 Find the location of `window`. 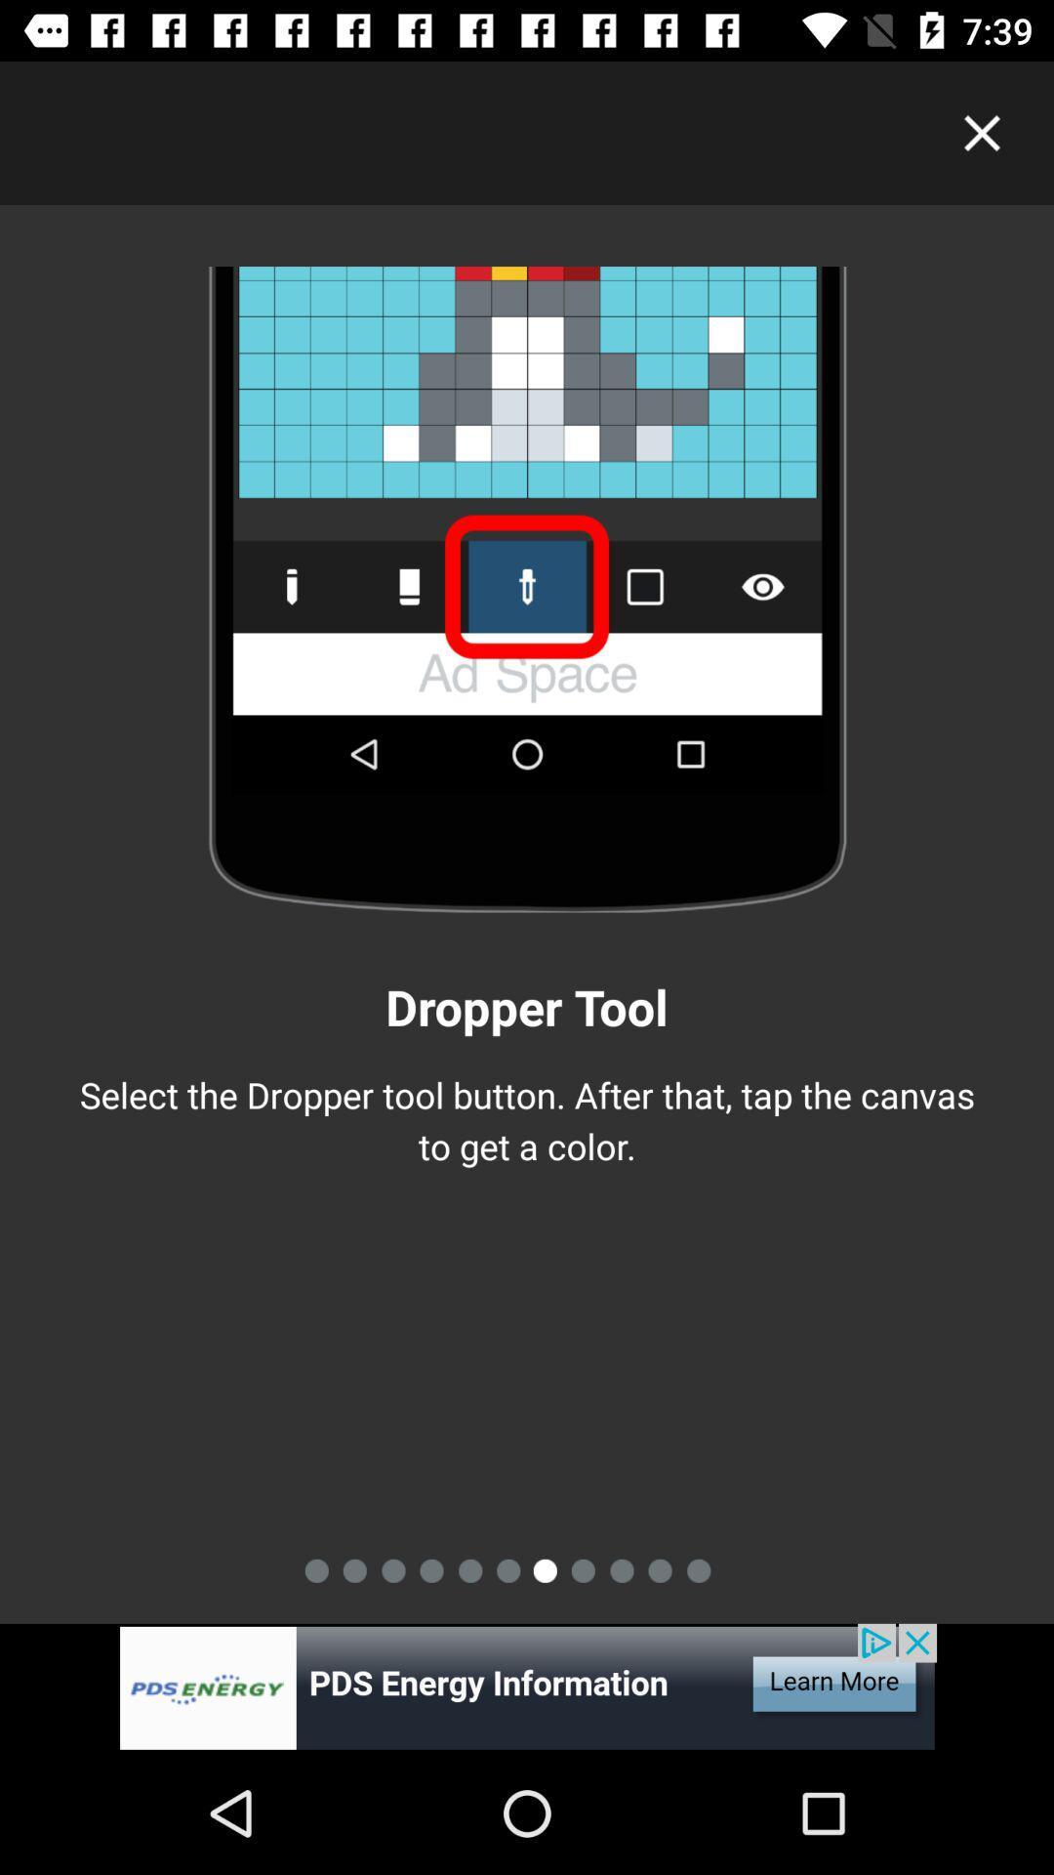

window is located at coordinates (982, 132).